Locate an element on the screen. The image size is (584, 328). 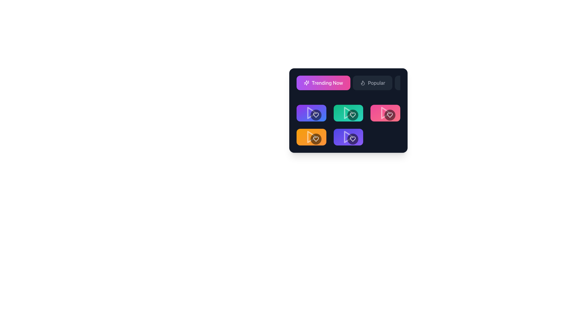
the upvote or like icon located in the upper-middle area of the interface, associated with the count of 156K interactions is located at coordinates (346, 110).